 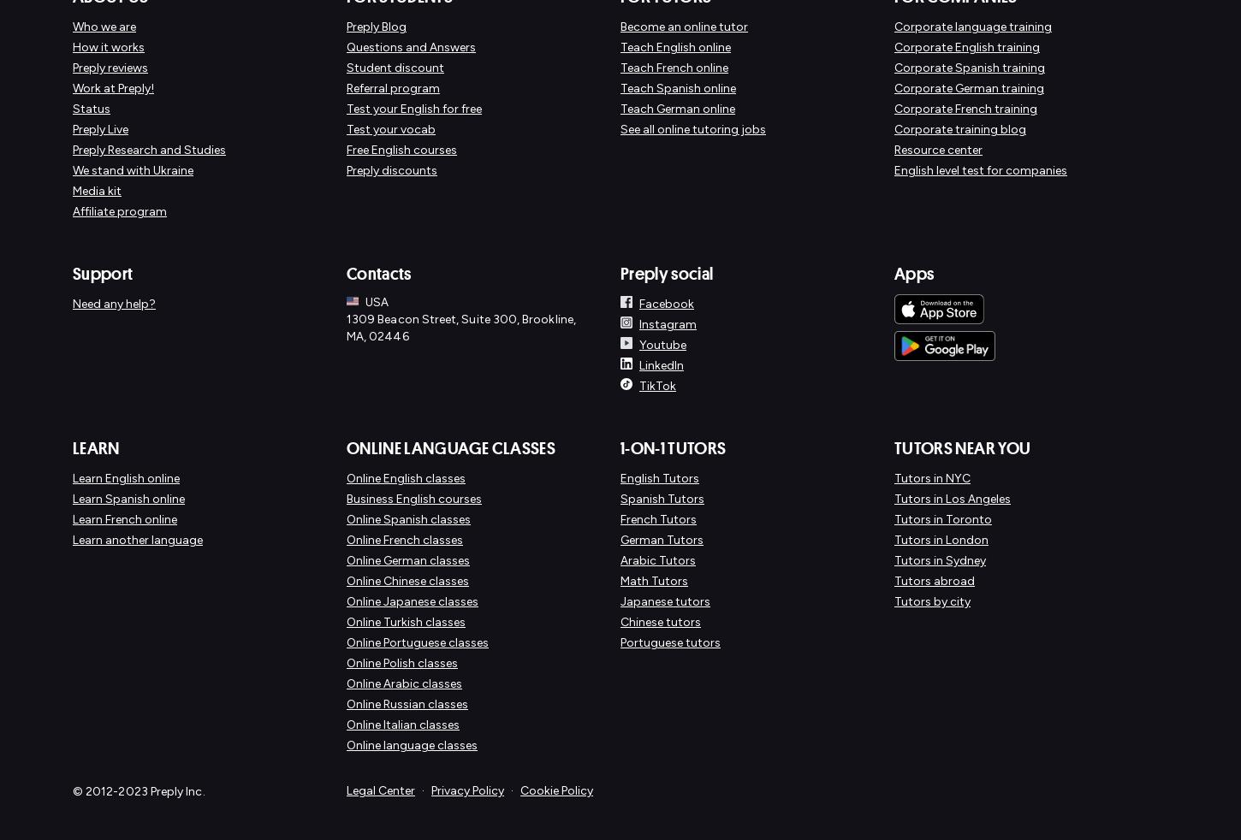 What do you see at coordinates (675, 46) in the screenshot?
I see `'Teach English online'` at bounding box center [675, 46].